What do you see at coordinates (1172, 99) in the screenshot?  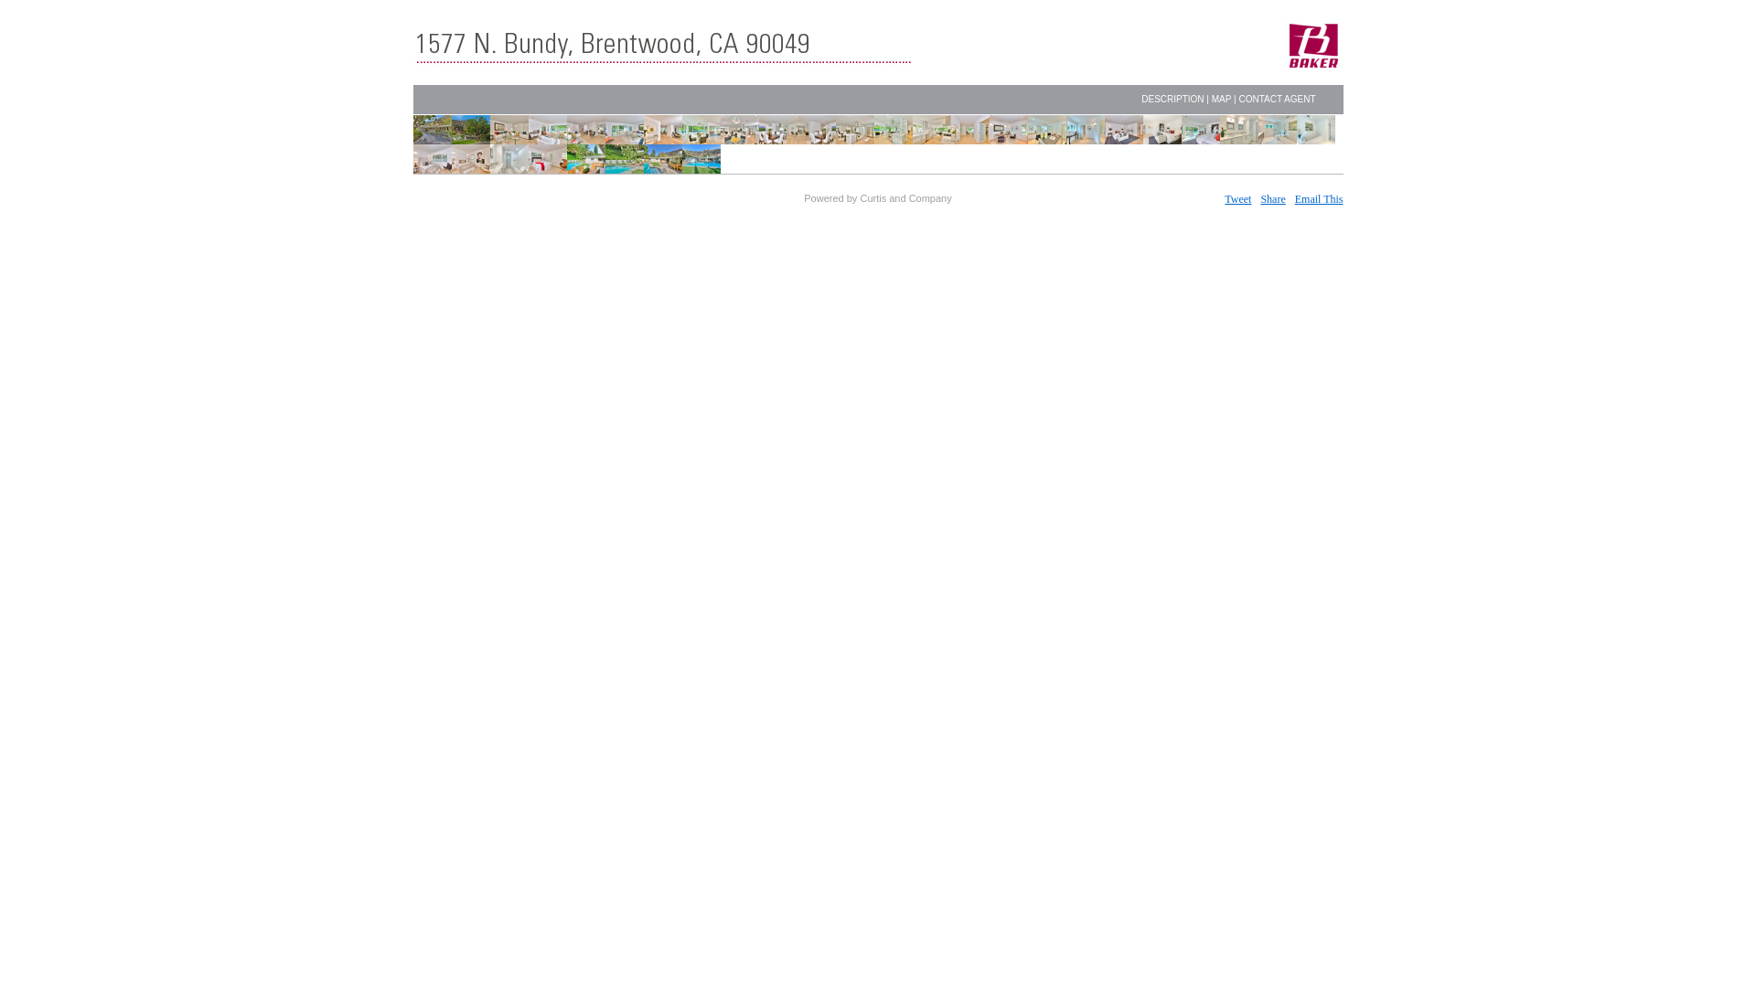 I see `'DESCRIPTION'` at bounding box center [1172, 99].